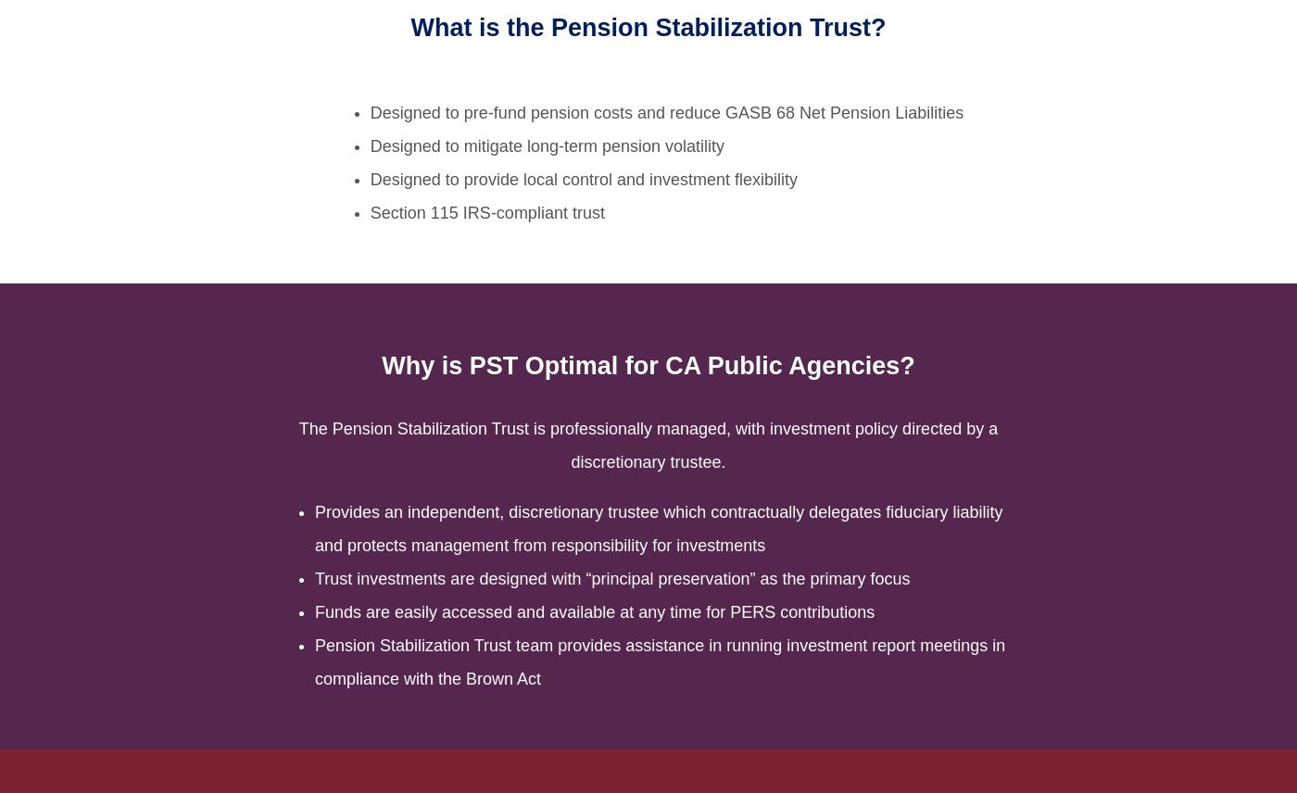 The height and width of the screenshot is (793, 1297). I want to click on 'What is the Pension Stabilization Trust?', so click(409, 27).